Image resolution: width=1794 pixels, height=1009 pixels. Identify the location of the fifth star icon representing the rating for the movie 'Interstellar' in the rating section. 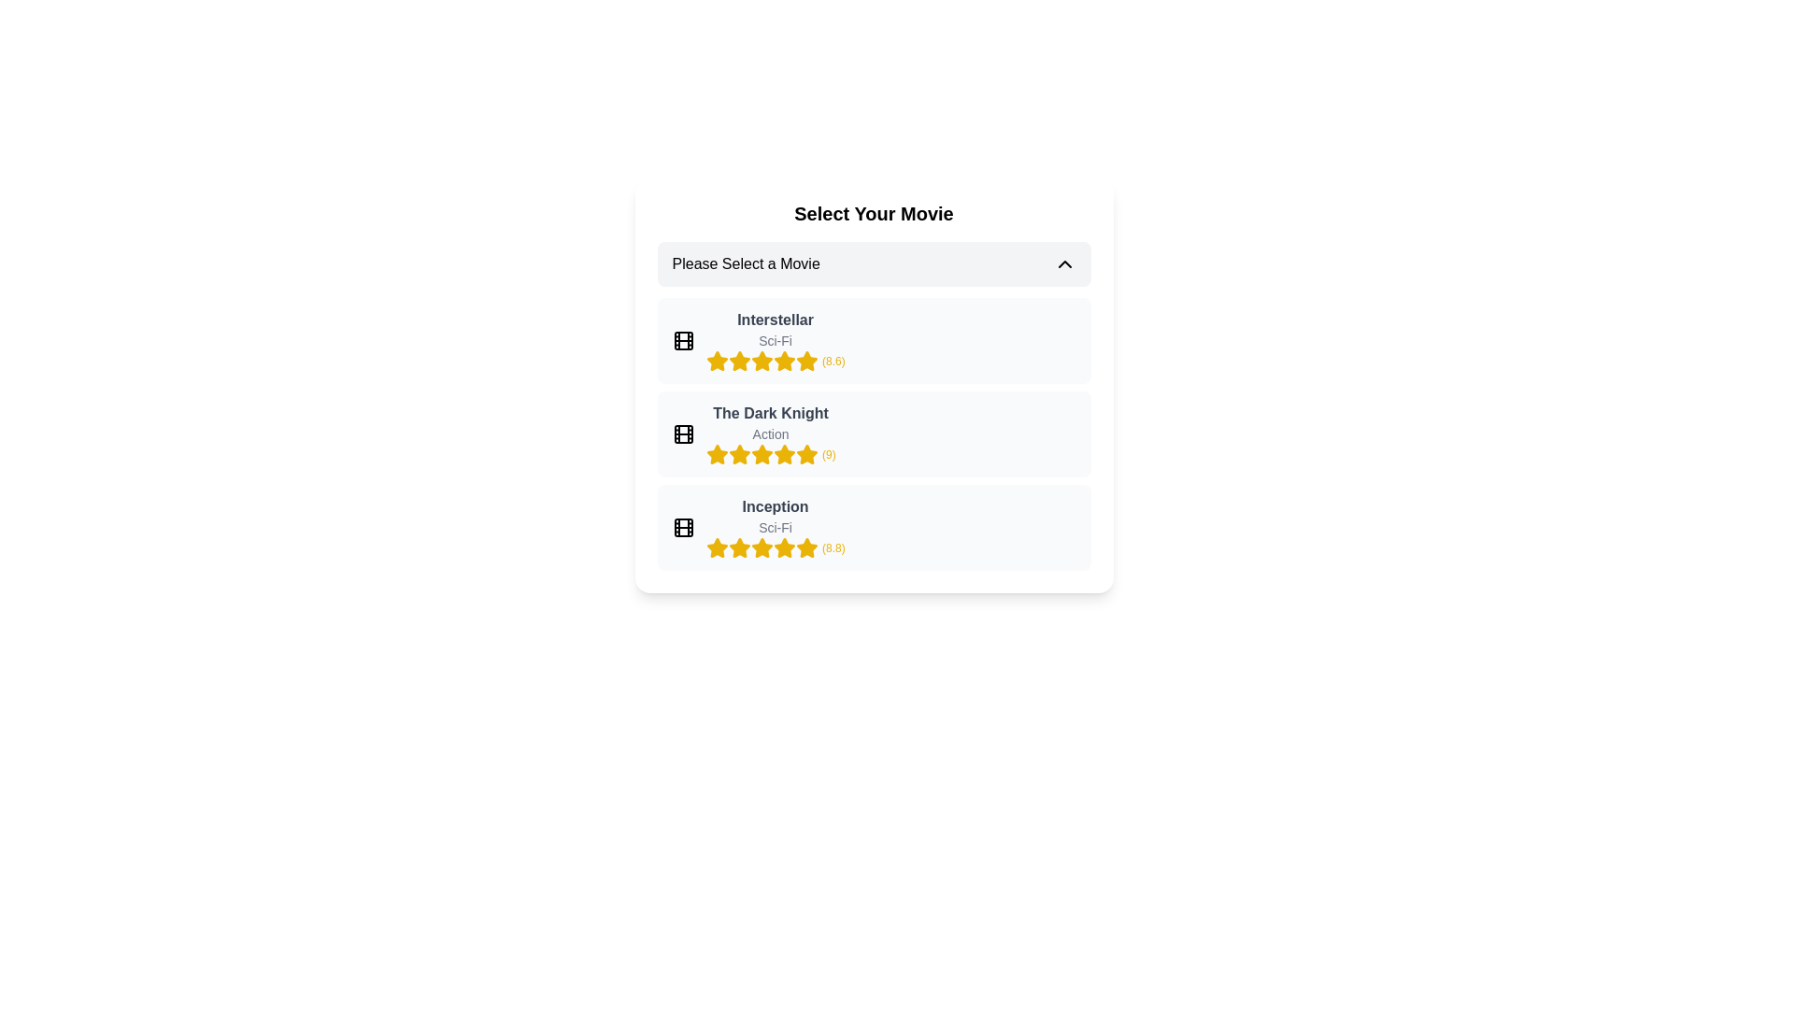
(762, 361).